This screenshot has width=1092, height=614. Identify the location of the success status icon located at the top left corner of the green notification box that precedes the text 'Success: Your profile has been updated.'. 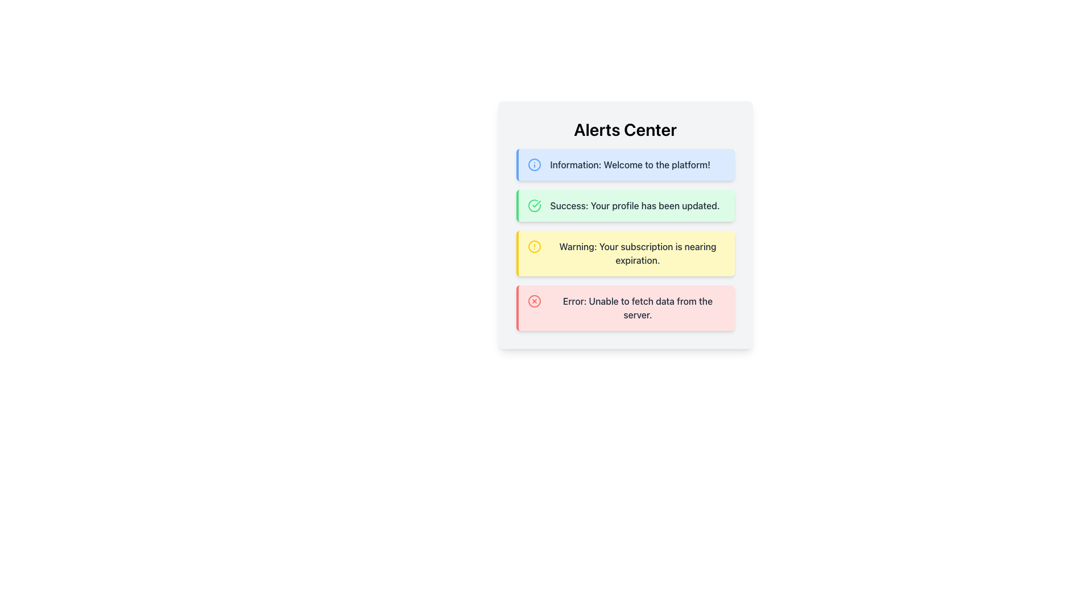
(538, 206).